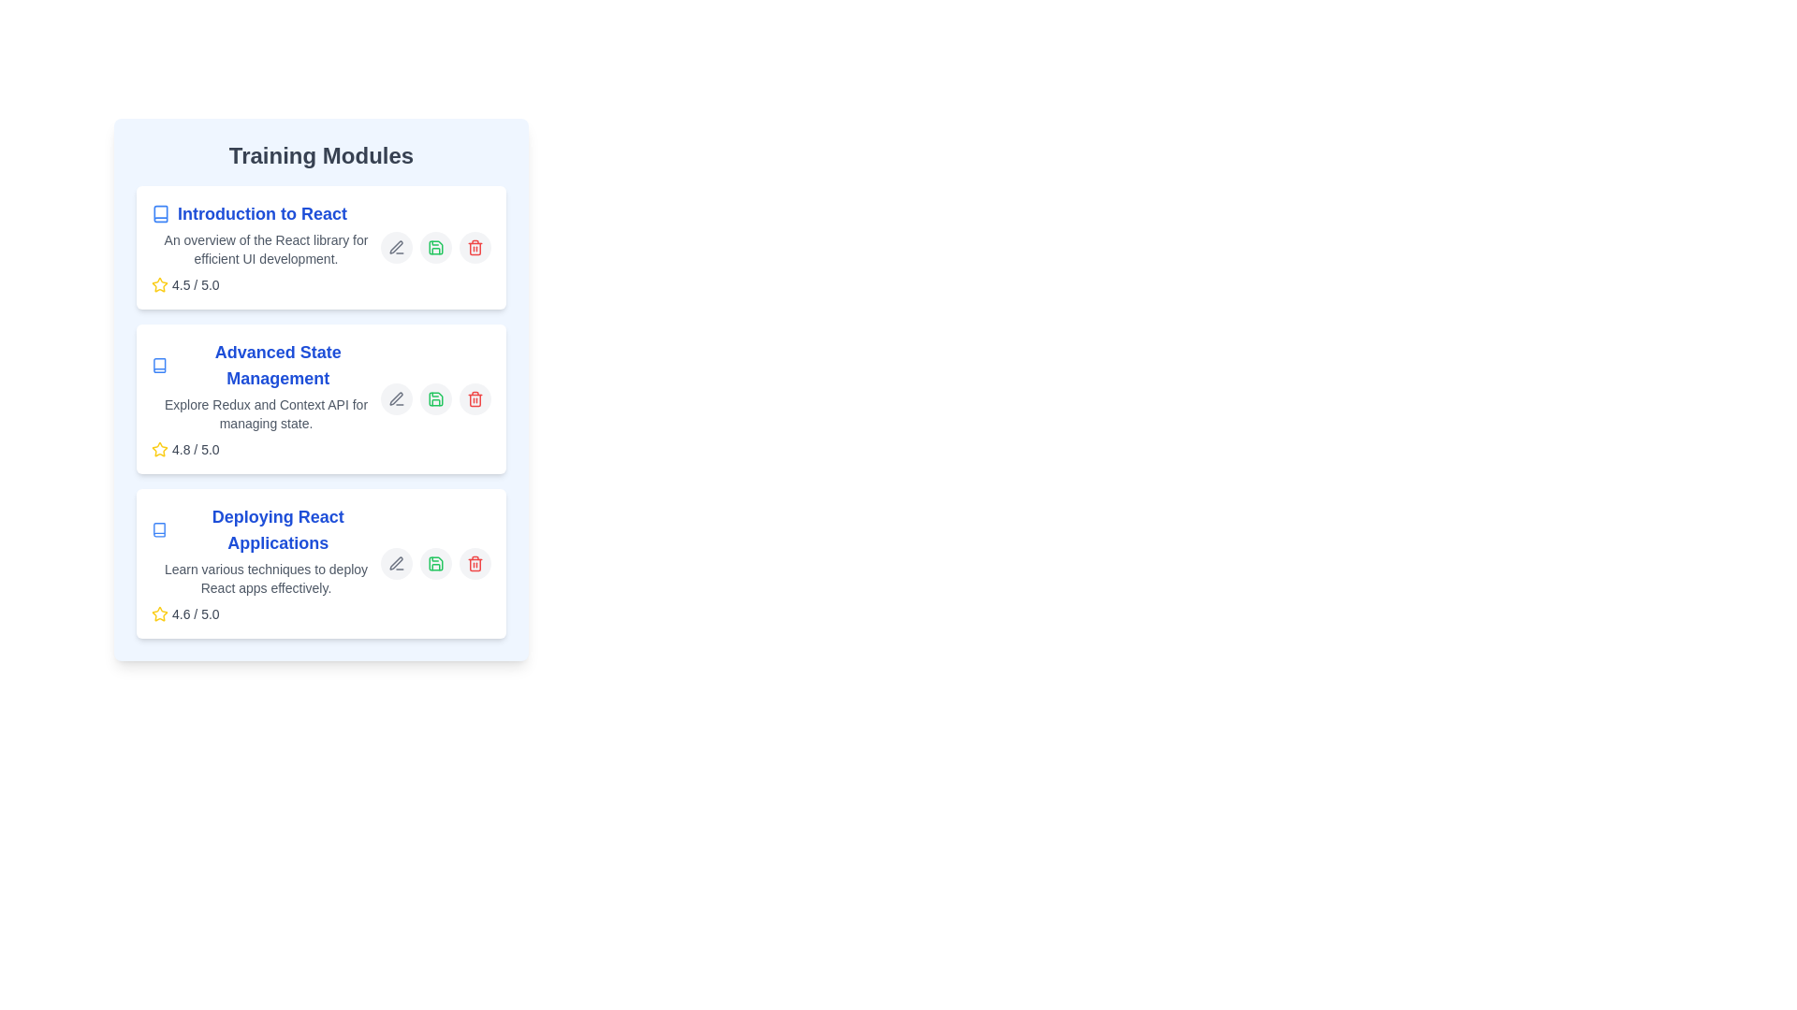 This screenshot has width=1797, height=1010. Describe the element at coordinates (434, 247) in the screenshot. I see `the green save icon styled as a floppy disk located on the right side of the 'Introduction to React' training module entry` at that location.